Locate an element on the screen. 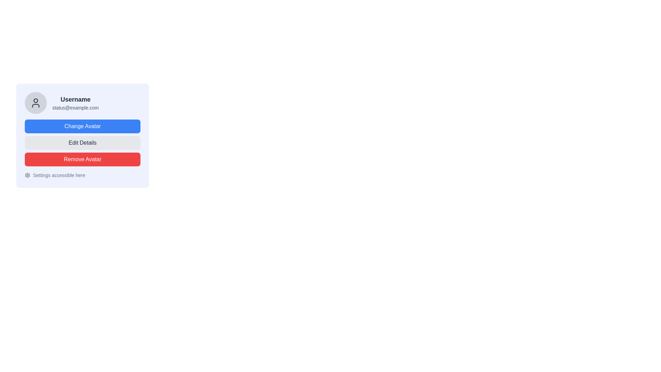 The image size is (661, 372). the red rectangular button labeled 'Remove Avatar' located at the bottom of the user profile section is located at coordinates (83, 159).